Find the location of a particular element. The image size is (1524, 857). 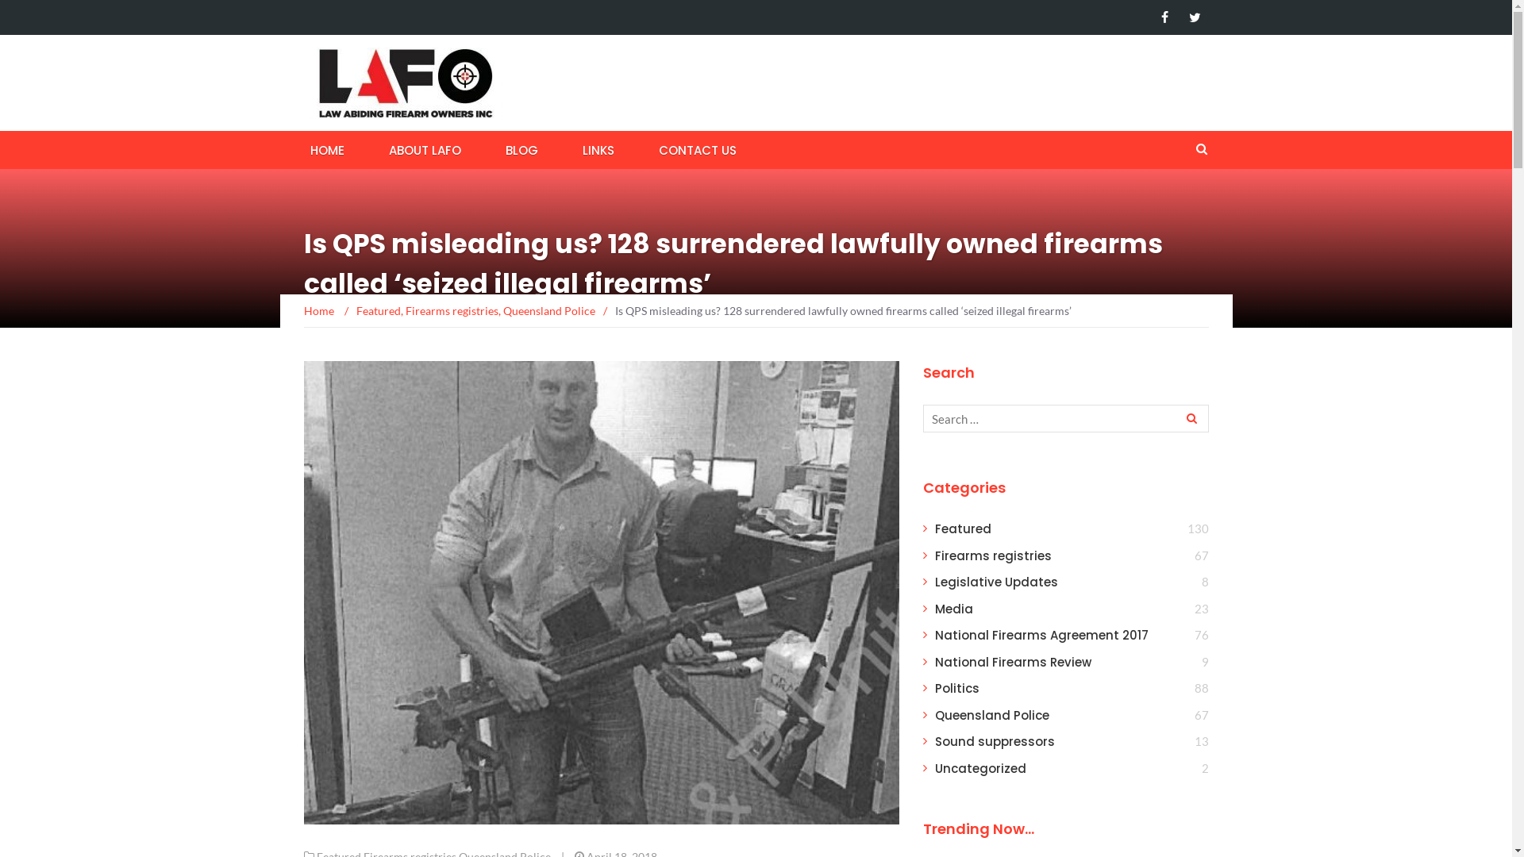

'Firearms registries' is located at coordinates (450, 310).